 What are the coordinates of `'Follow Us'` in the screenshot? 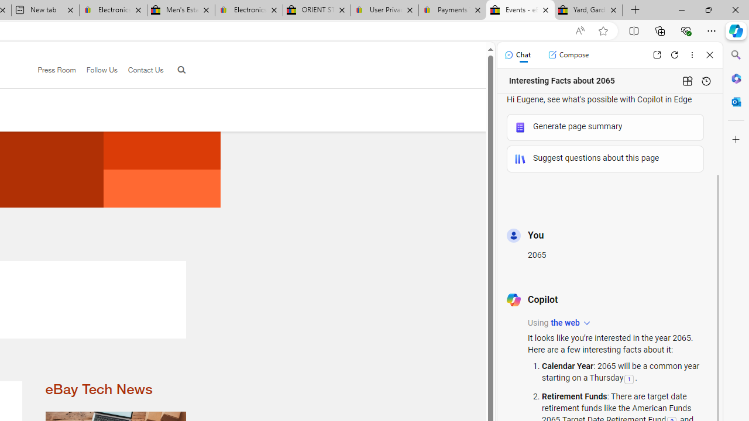 It's located at (102, 70).